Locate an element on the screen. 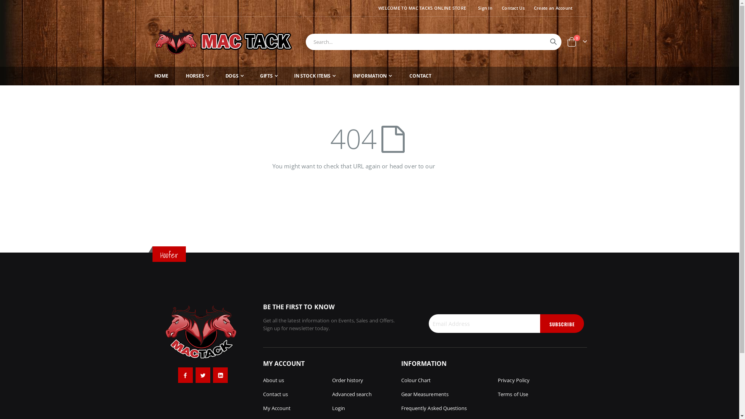  'homepage.' is located at coordinates (451, 166).